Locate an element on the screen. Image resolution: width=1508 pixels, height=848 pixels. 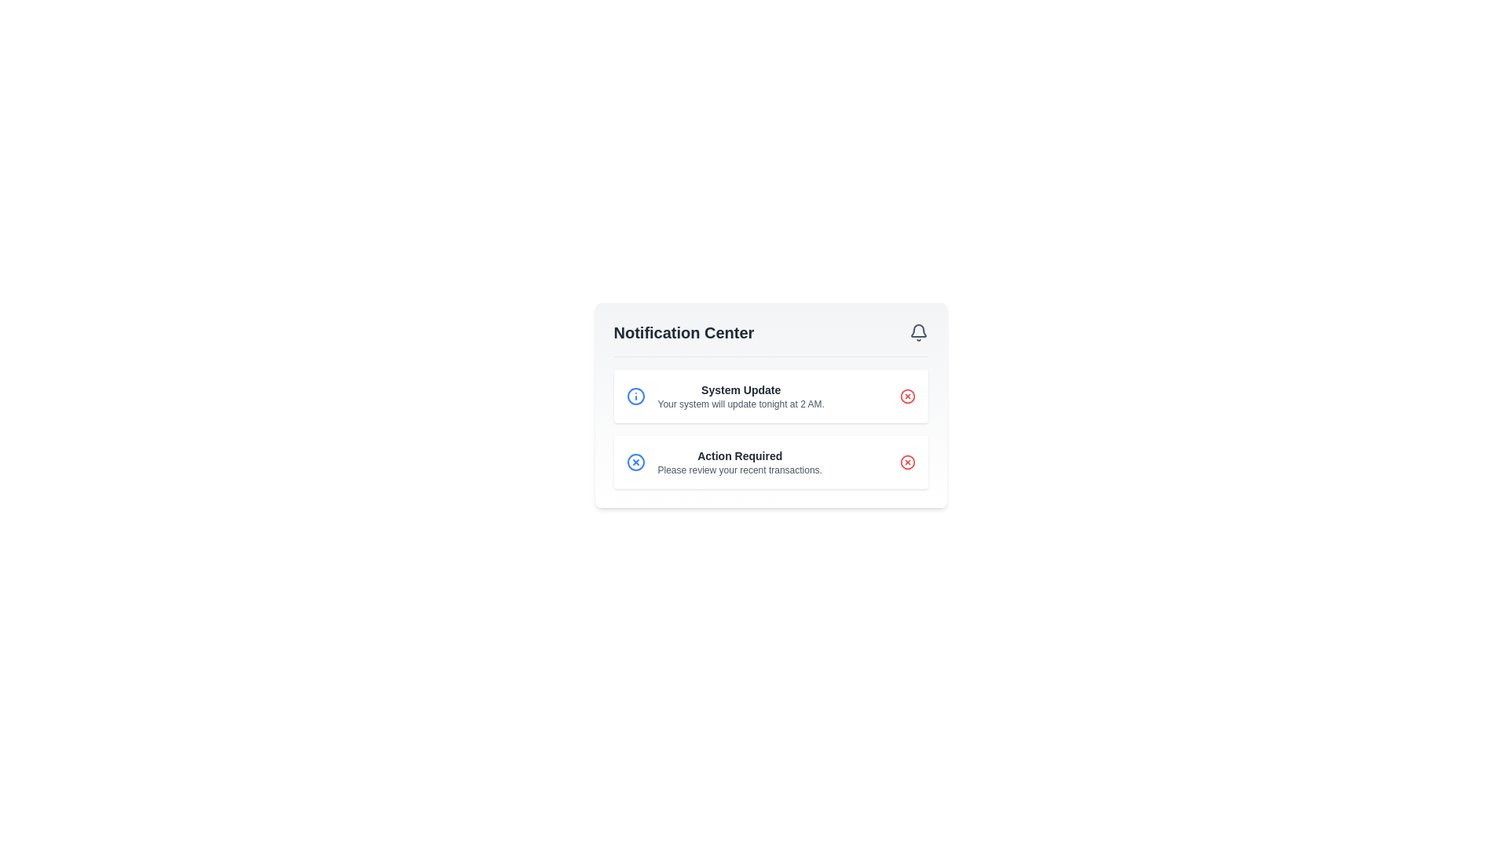
the notification bell icon, which is a minimalist line-art representation is located at coordinates (918, 330).